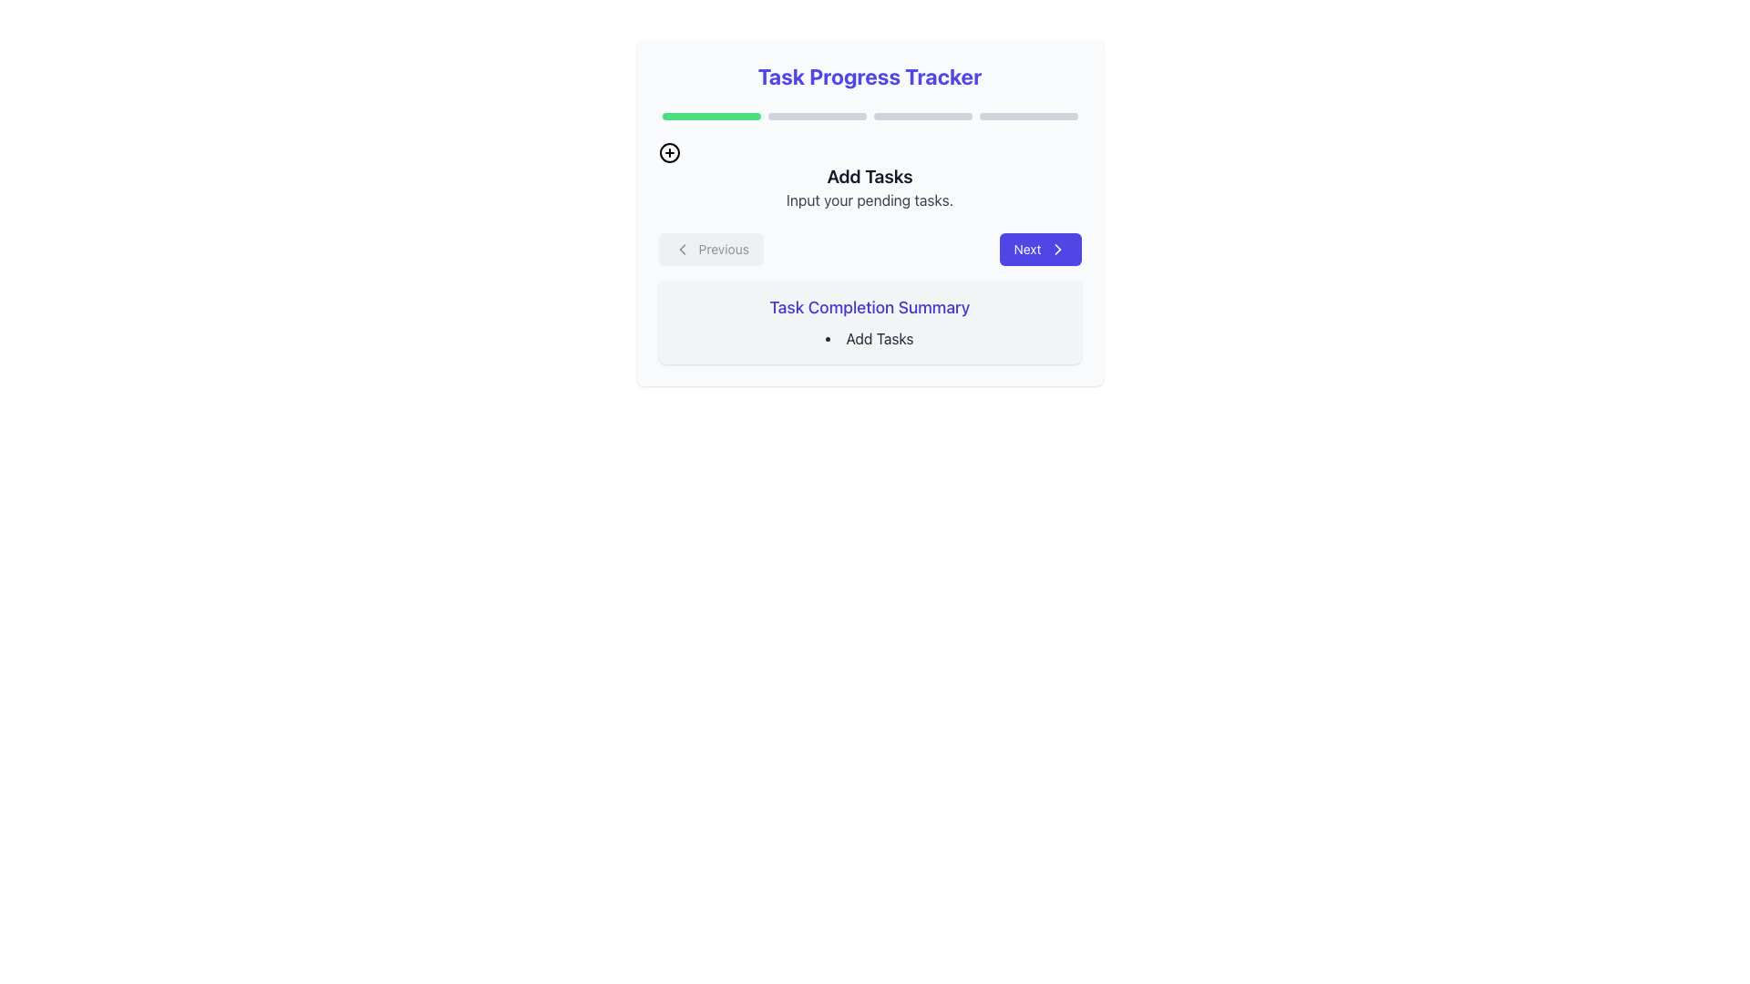 This screenshot has width=1750, height=984. What do you see at coordinates (710, 116) in the screenshot?
I see `the leftmost green Progress Bar Segment in the Task Progress Tracker, which is part of a set of four segments` at bounding box center [710, 116].